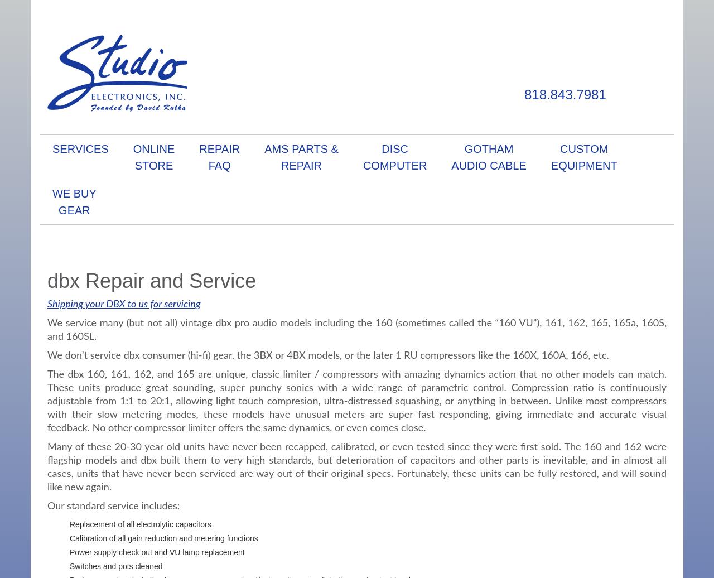 The width and height of the screenshot is (714, 578). I want to click on 'Gotham', so click(489, 148).